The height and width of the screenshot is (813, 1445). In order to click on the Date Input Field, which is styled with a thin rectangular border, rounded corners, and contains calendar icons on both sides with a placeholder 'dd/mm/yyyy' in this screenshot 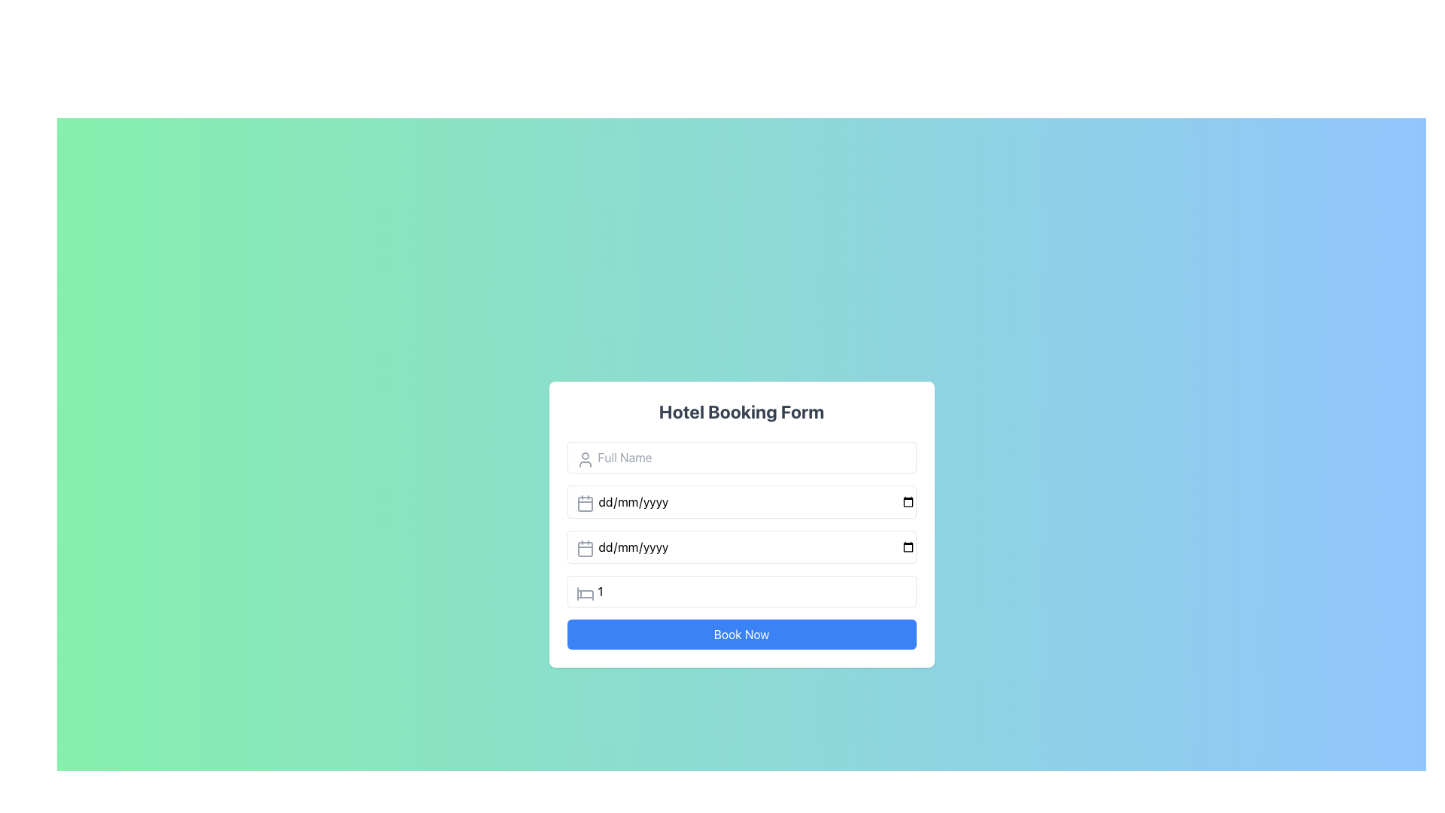, I will do `click(741, 547)`.